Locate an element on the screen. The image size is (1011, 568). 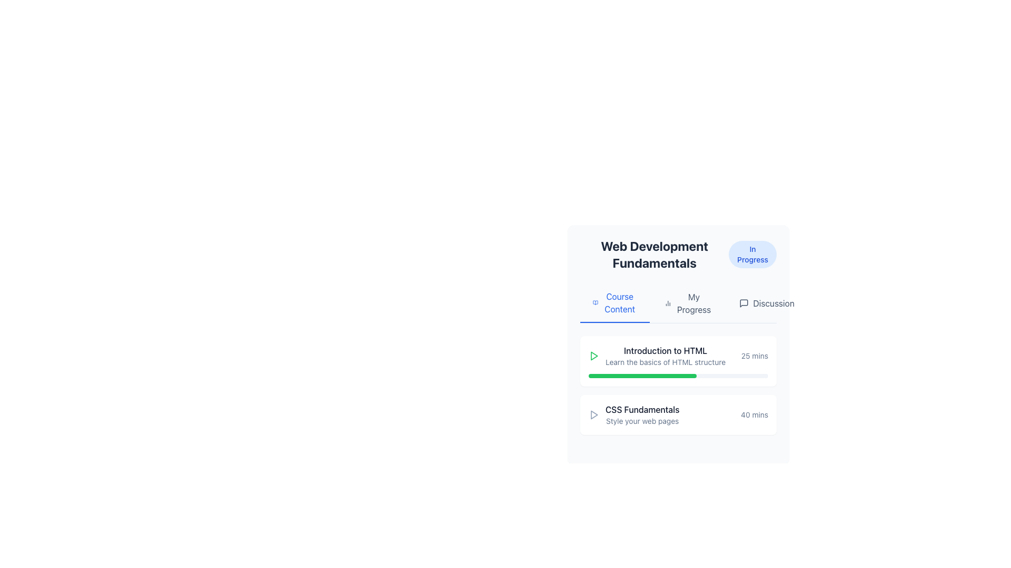
progress bar completion is located at coordinates (661, 375).